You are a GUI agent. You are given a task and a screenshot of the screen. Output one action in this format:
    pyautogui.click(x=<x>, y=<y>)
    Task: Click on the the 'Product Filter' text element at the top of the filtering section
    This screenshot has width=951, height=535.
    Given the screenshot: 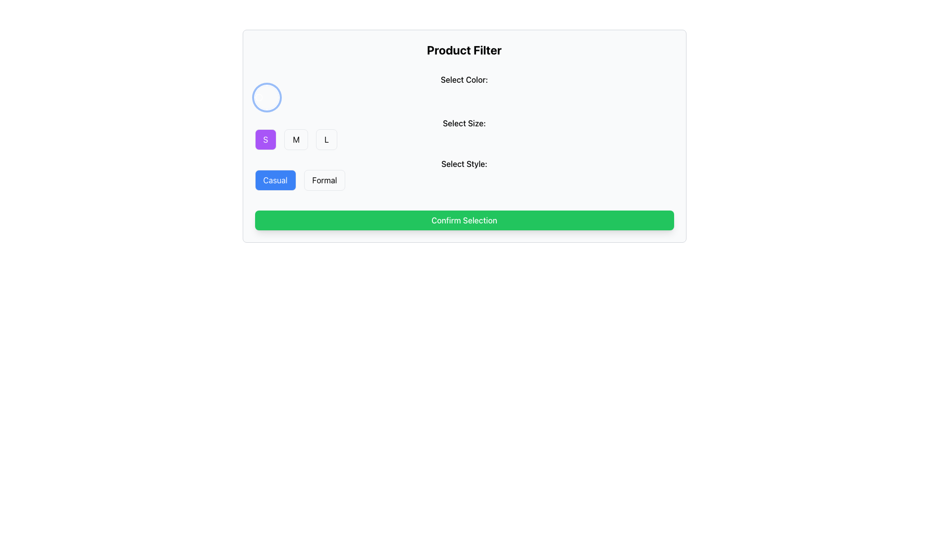 What is the action you would take?
    pyautogui.click(x=464, y=50)
    